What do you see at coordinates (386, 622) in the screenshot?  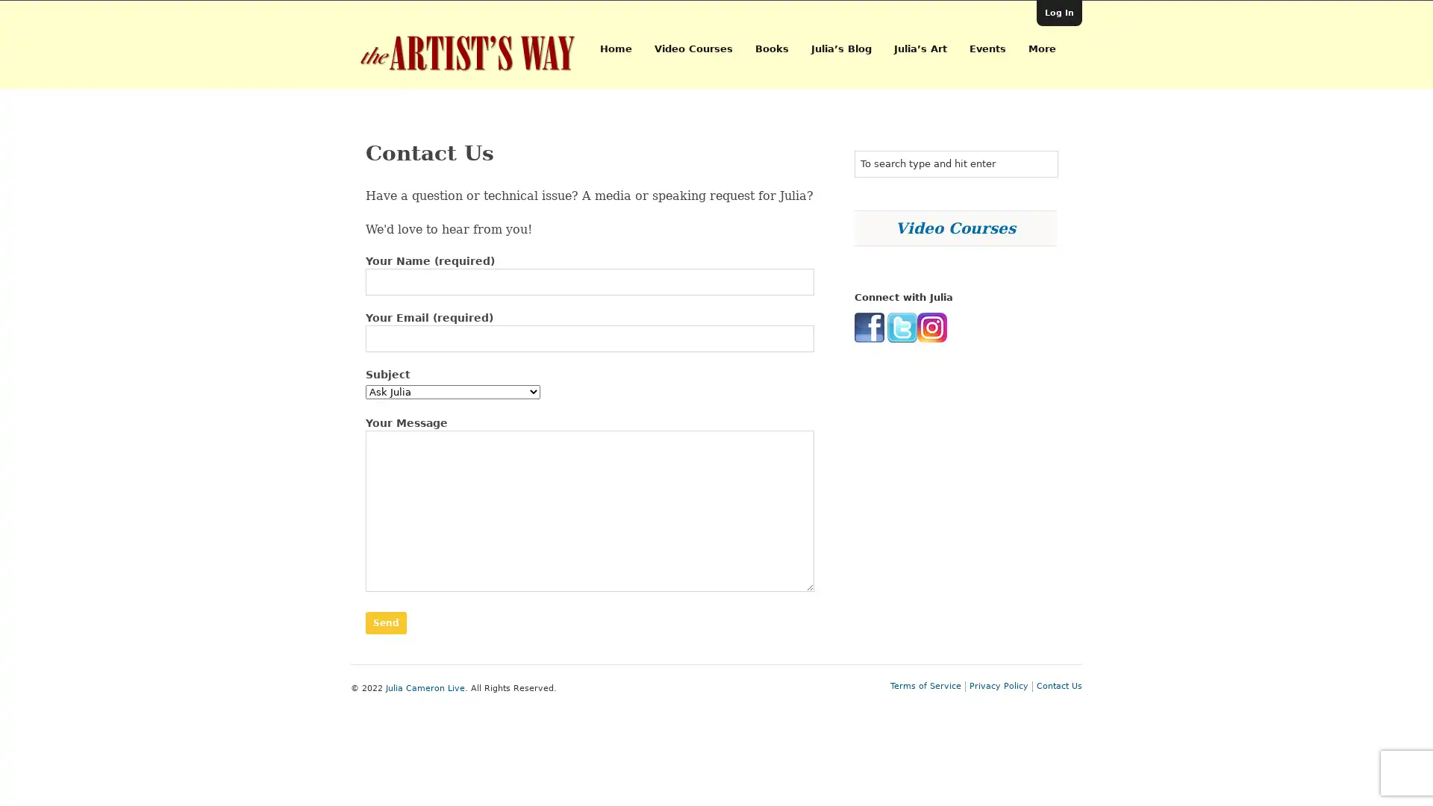 I see `Send` at bounding box center [386, 622].